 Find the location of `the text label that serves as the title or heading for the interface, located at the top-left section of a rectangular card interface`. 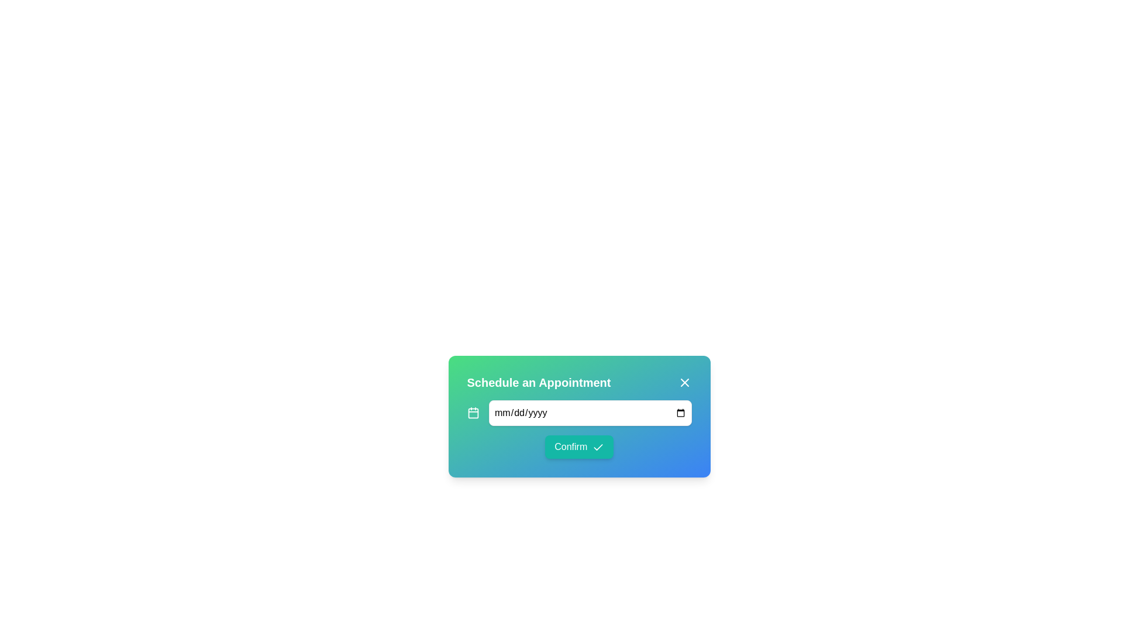

the text label that serves as the title or heading for the interface, located at the top-left section of a rectangular card interface is located at coordinates (538, 383).